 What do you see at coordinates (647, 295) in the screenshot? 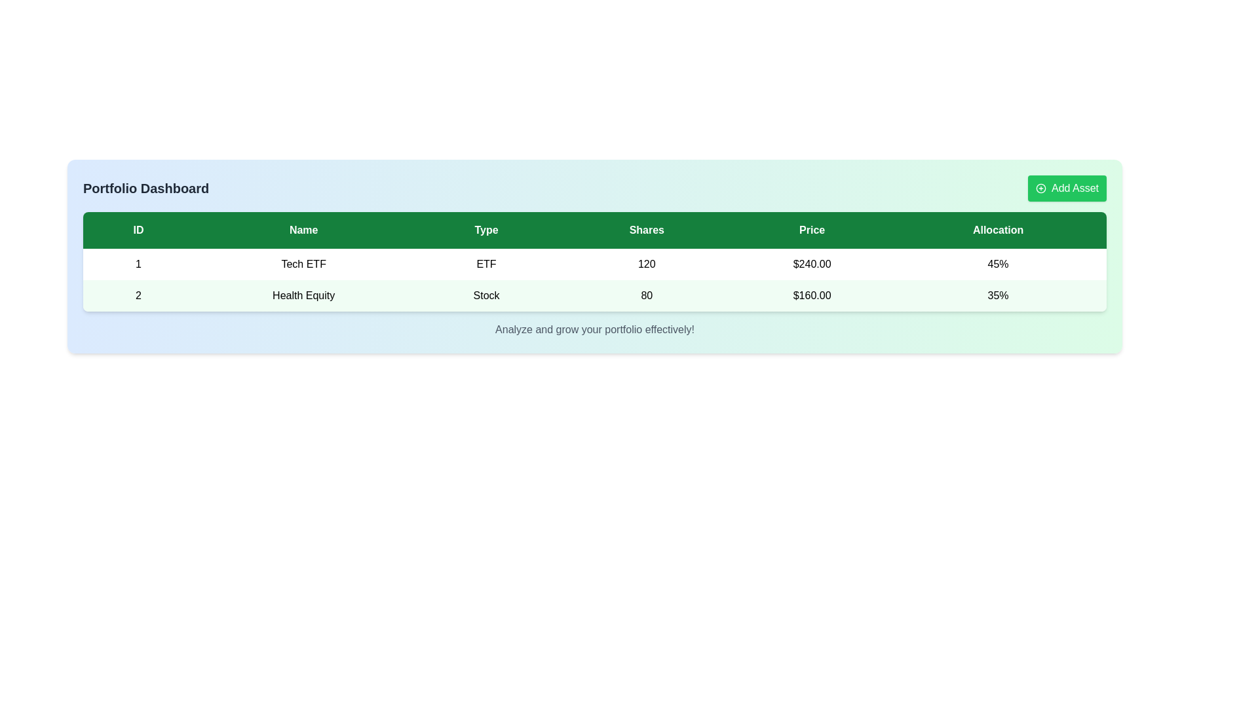
I see `numeric value displayed in the 'Shares' column for the asset 'Health Equity' located in the second row of the table` at bounding box center [647, 295].